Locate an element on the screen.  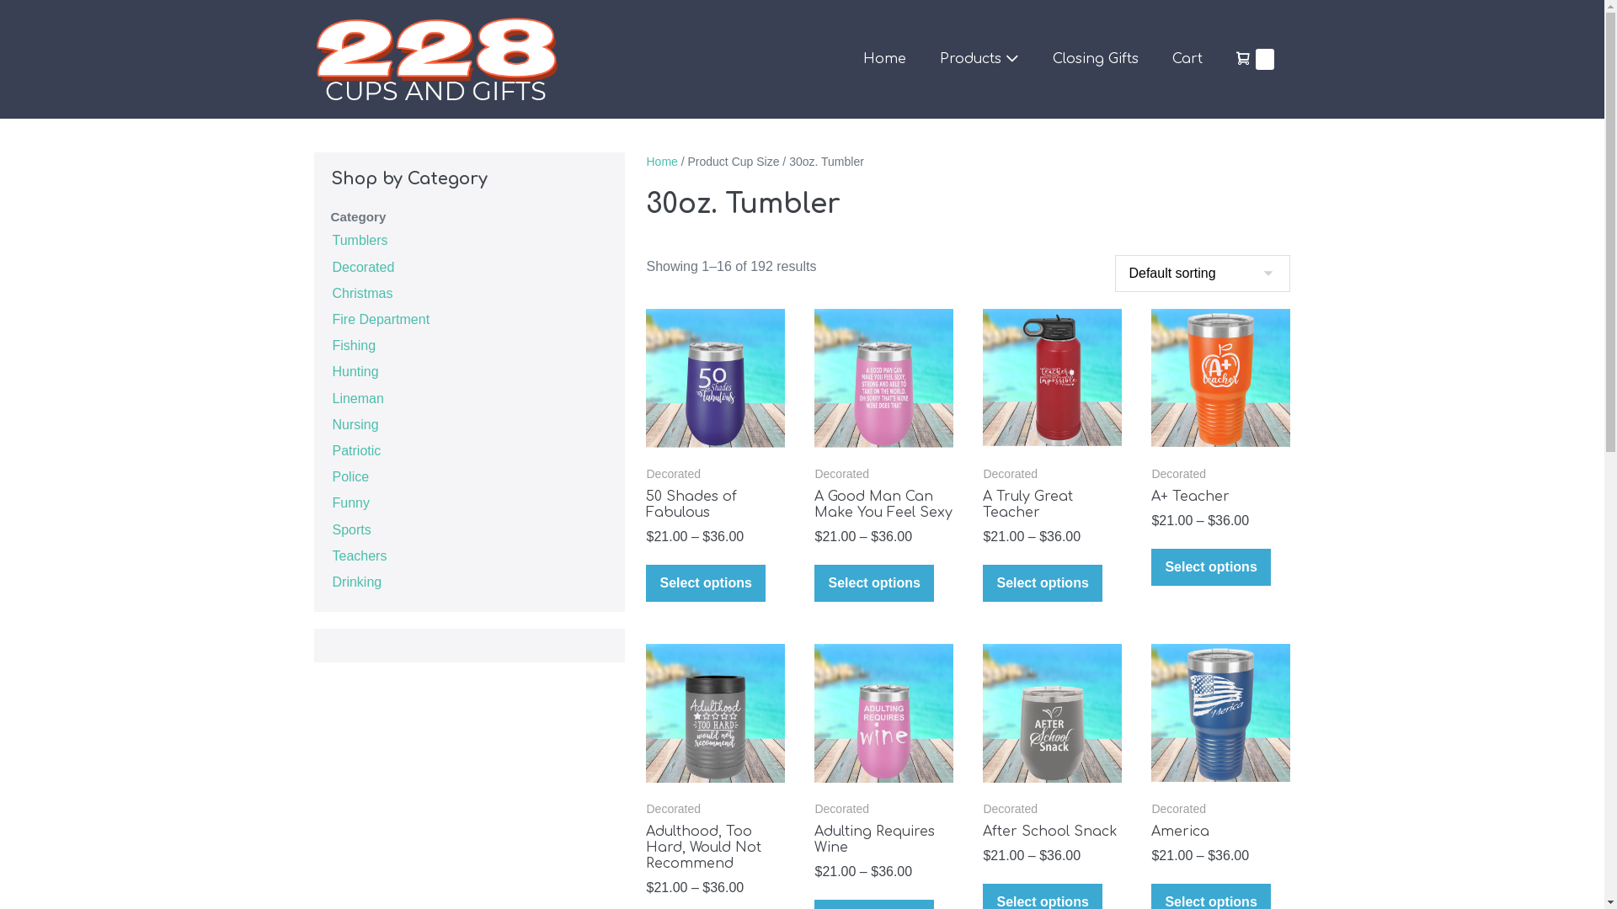
'Teachers' is located at coordinates (358, 555).